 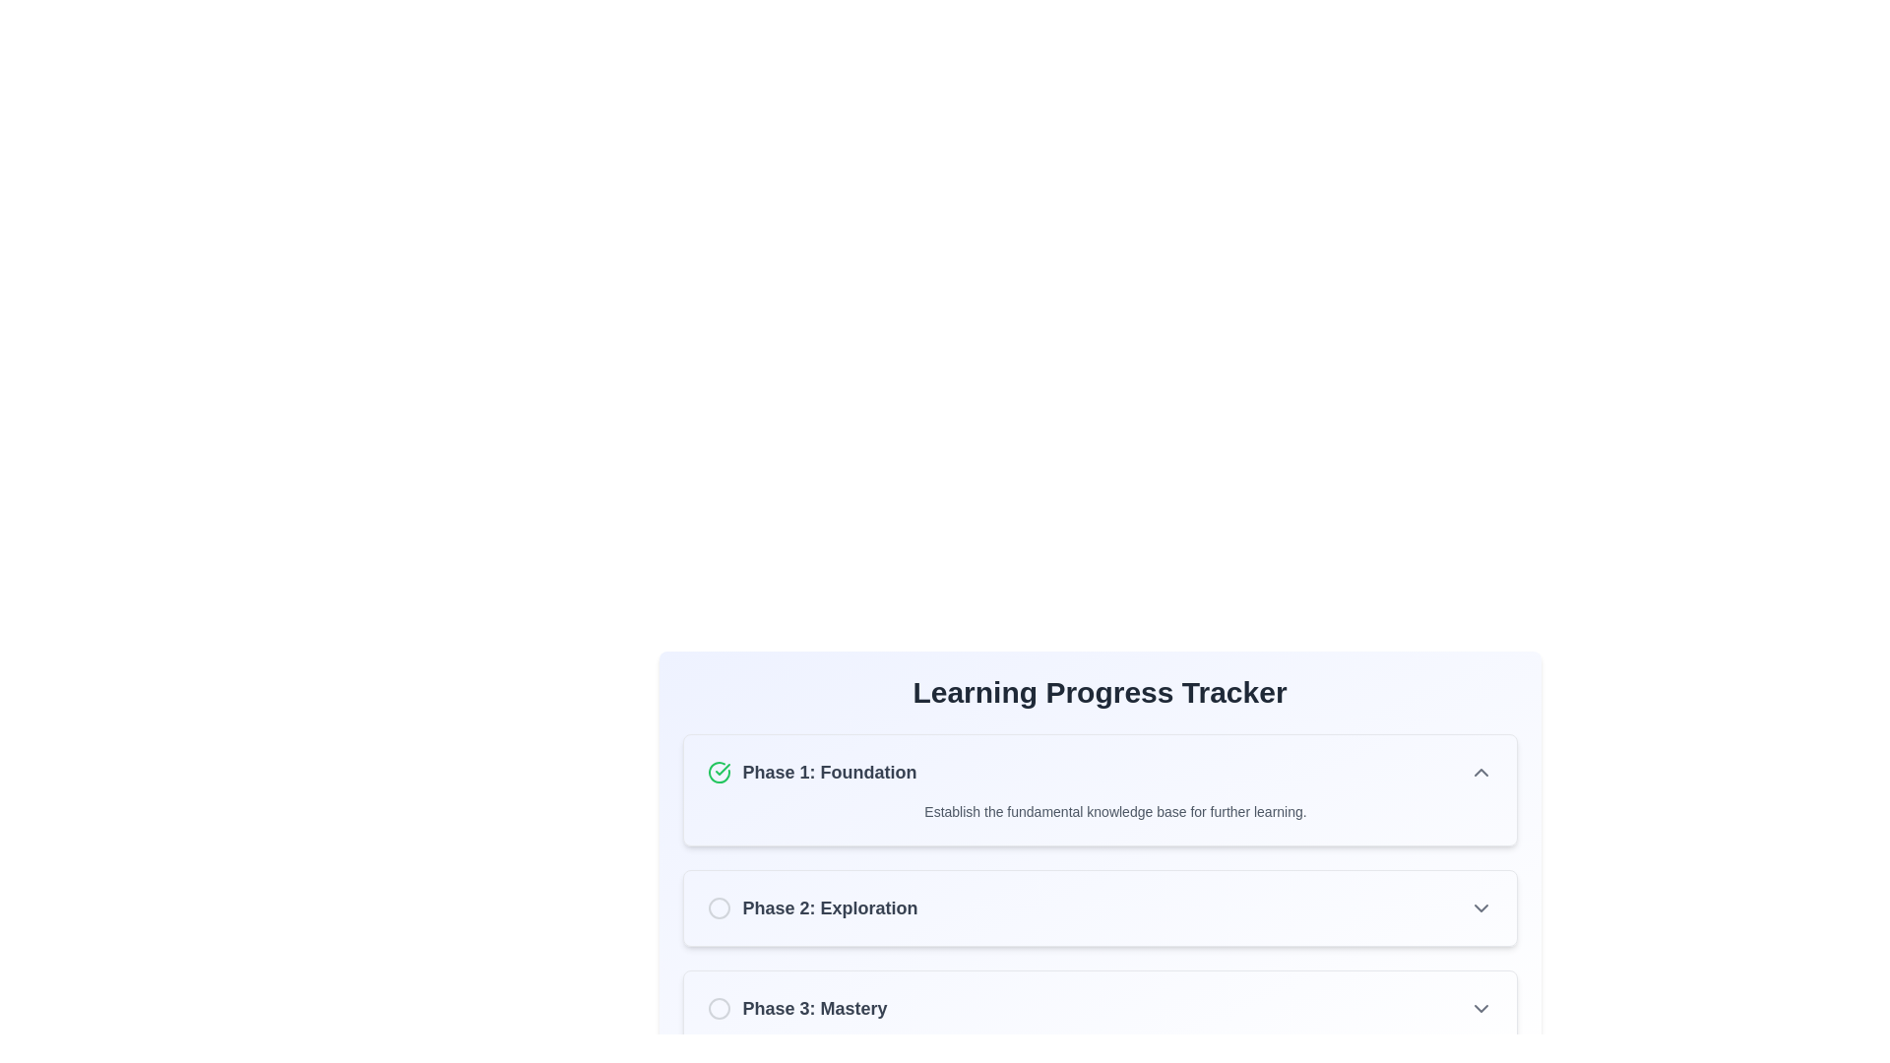 I want to click on text of the 'Phase 3: Mastery' label, which is the last element in the 'Learning Progress Tracker' interface, displayed in bold dark gray font, so click(x=815, y=1009).